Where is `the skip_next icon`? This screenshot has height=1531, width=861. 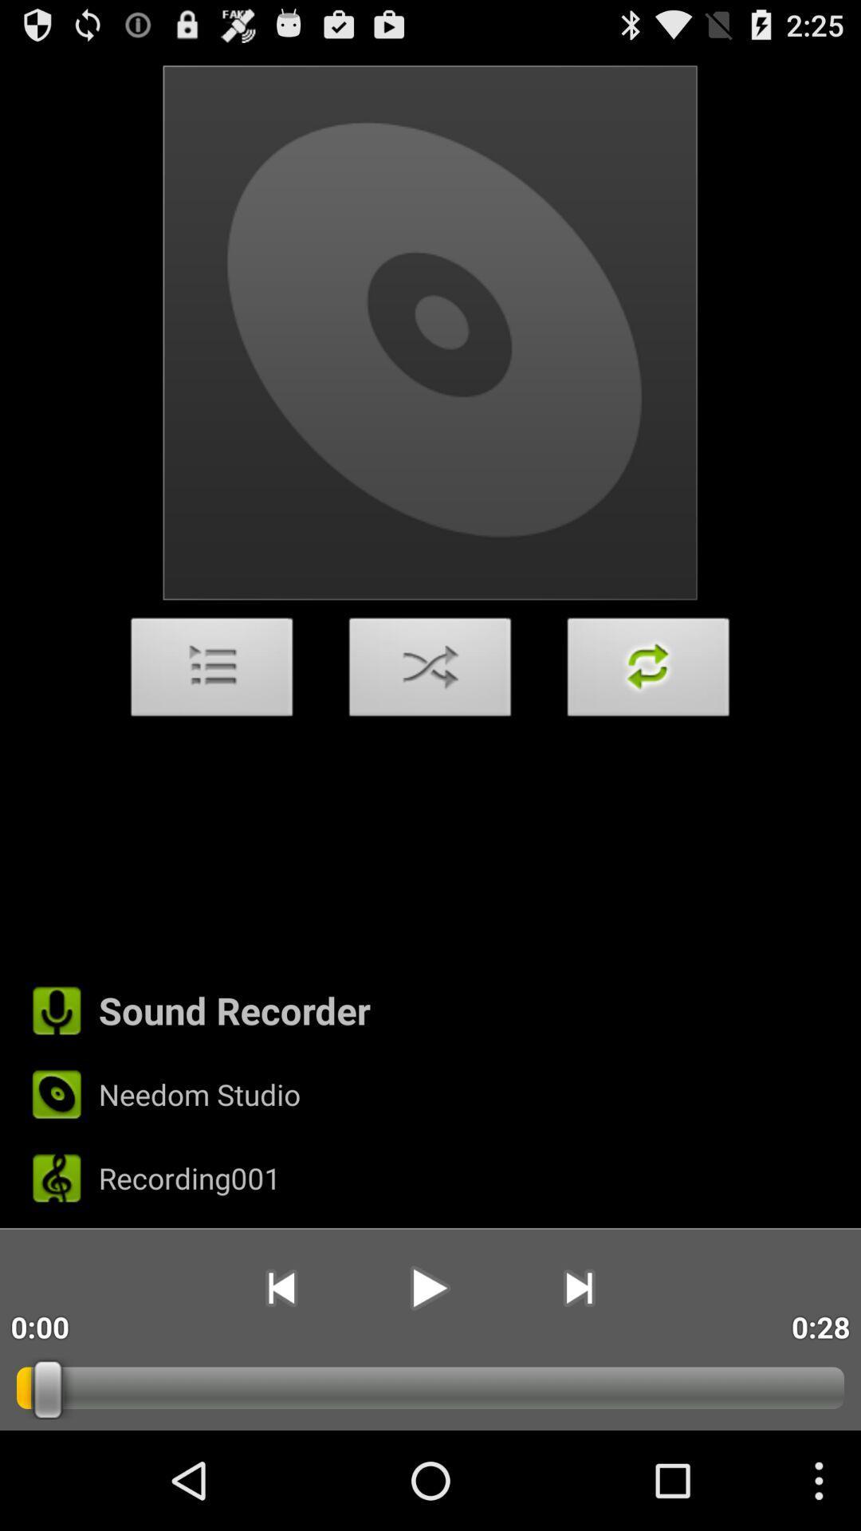 the skip_next icon is located at coordinates (579, 1377).